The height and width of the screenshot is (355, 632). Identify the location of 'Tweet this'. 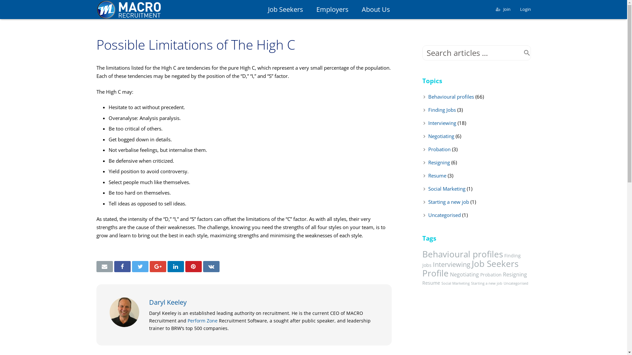
(131, 266).